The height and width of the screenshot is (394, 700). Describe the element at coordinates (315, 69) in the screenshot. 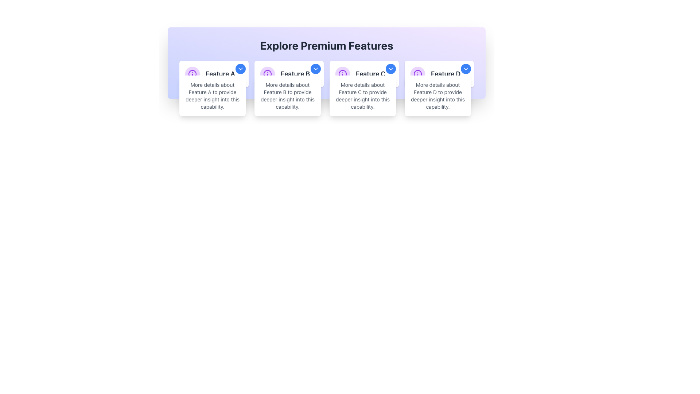

I see `the downward-facing chevron icon within the blue circular button of the 'Feature B' card` at that location.